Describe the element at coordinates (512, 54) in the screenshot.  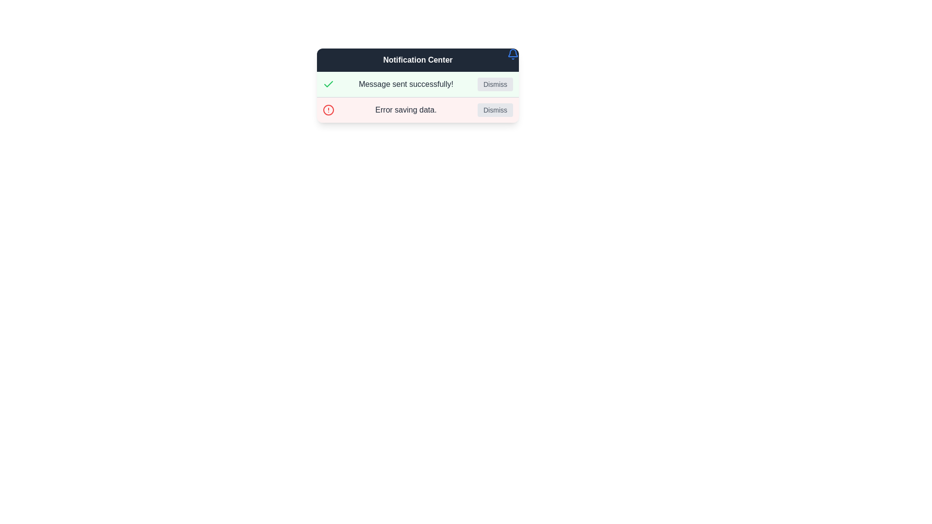
I see `the bell icon with a blue outline located at the upper-right corner of the header bar` at that location.